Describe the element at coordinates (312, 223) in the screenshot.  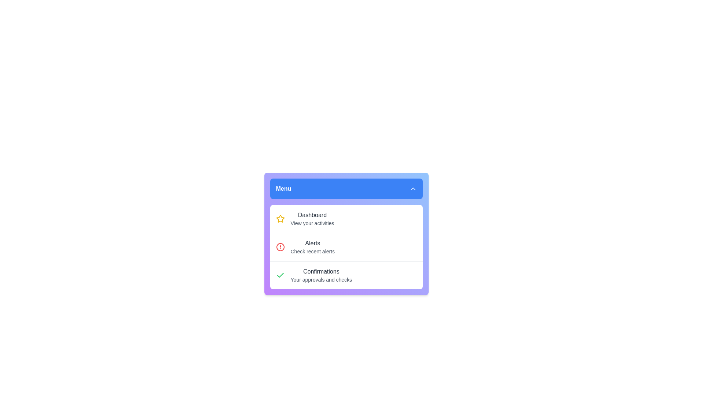
I see `the 'View your activities' text label, which is a small-sized light gray text located under the 'Dashboard' heading in the menu panel` at that location.